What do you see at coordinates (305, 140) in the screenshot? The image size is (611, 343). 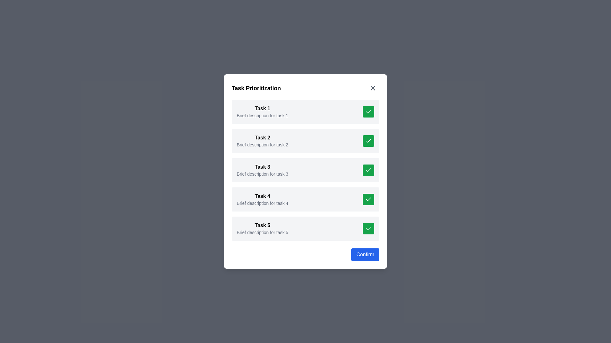 I see `the checkmark of the second task item in the vertical list displayed in the modal` at bounding box center [305, 140].